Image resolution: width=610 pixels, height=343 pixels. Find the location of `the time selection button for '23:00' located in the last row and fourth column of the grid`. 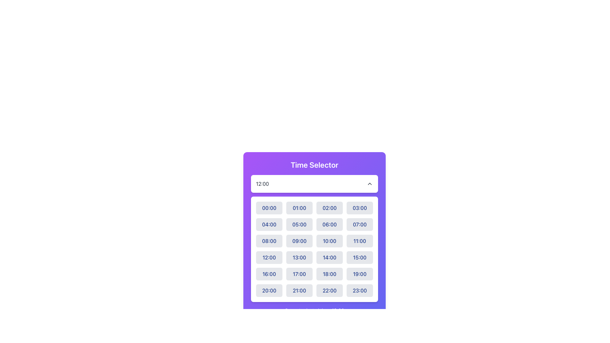

the time selection button for '23:00' located in the last row and fourth column of the grid is located at coordinates (360, 290).